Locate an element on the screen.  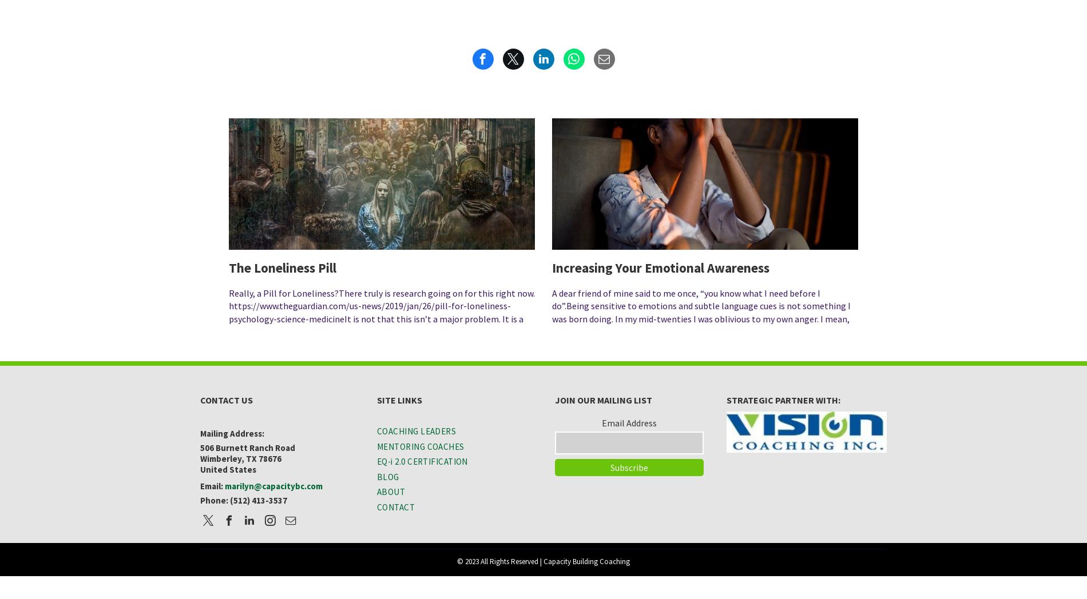
'CONTACT US' is located at coordinates (225, 399).